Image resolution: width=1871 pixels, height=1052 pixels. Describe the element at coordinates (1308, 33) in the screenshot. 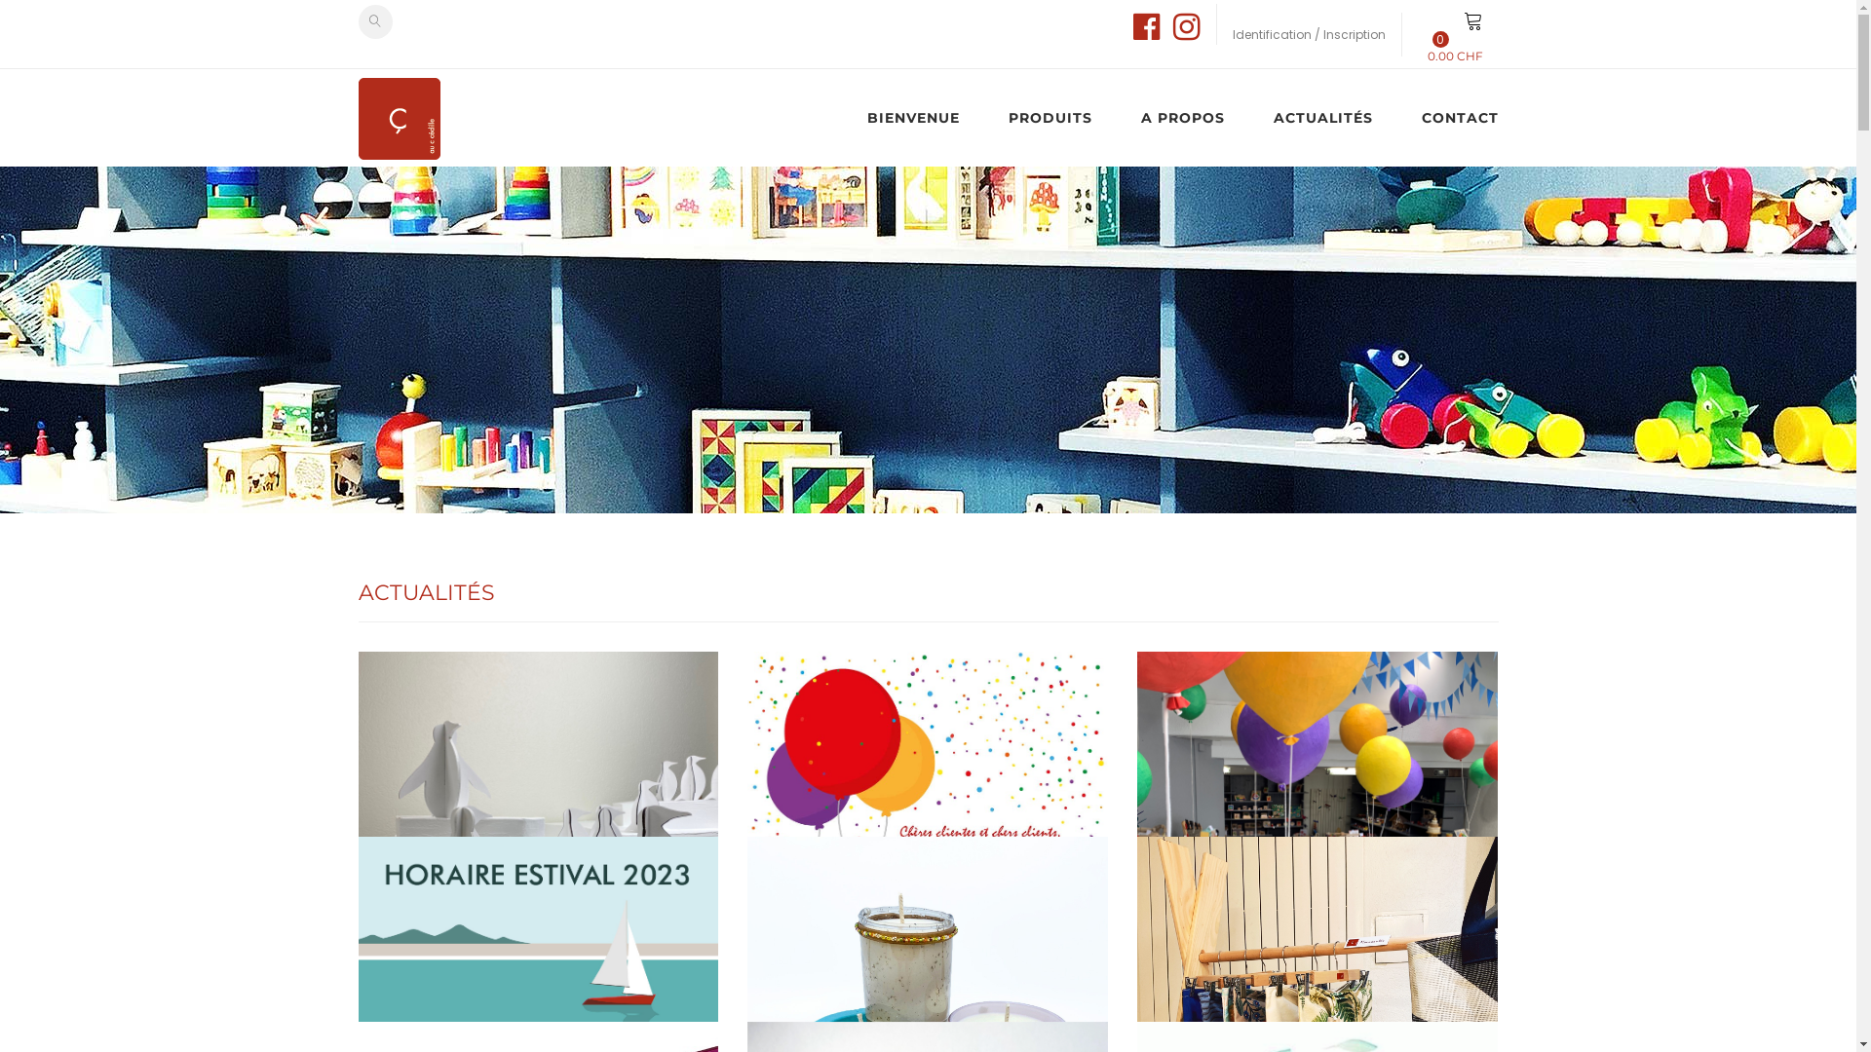

I see `'Identification / Inscription'` at that location.